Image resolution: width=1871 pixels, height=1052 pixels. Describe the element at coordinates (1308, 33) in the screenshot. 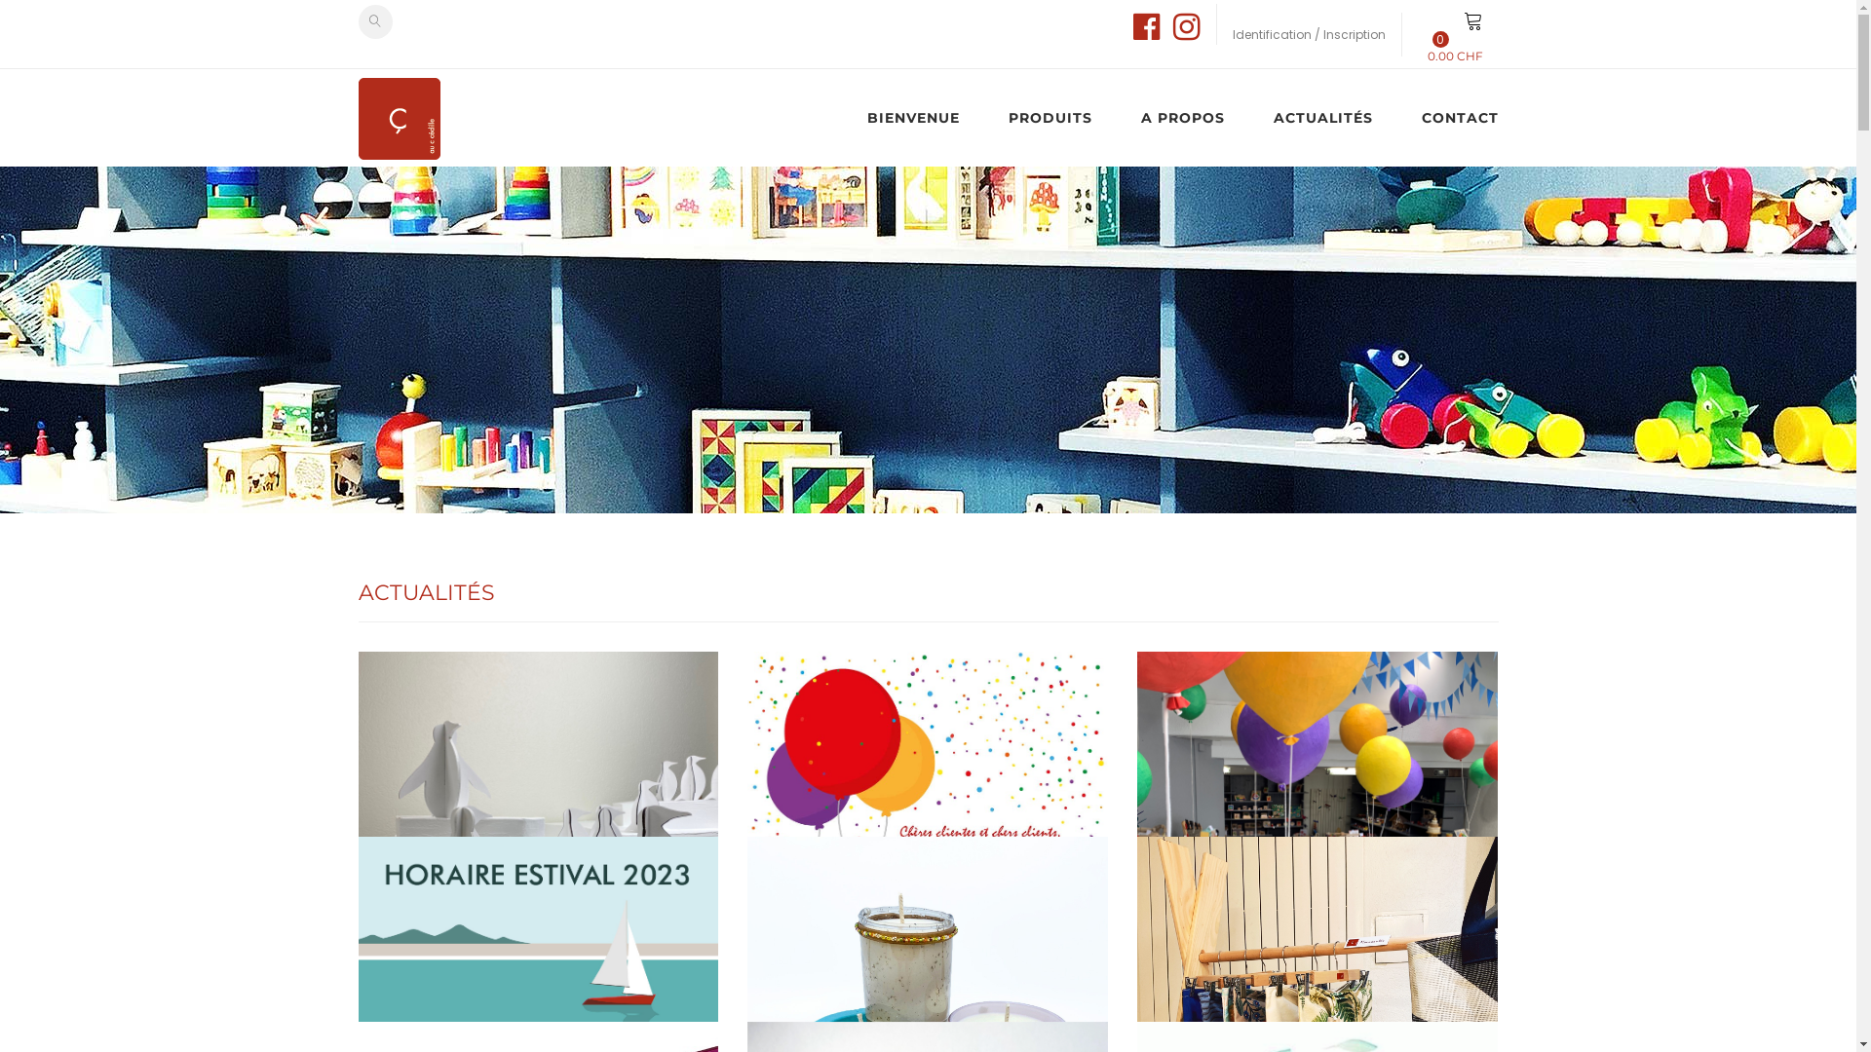

I see `'Identification / Inscription'` at that location.